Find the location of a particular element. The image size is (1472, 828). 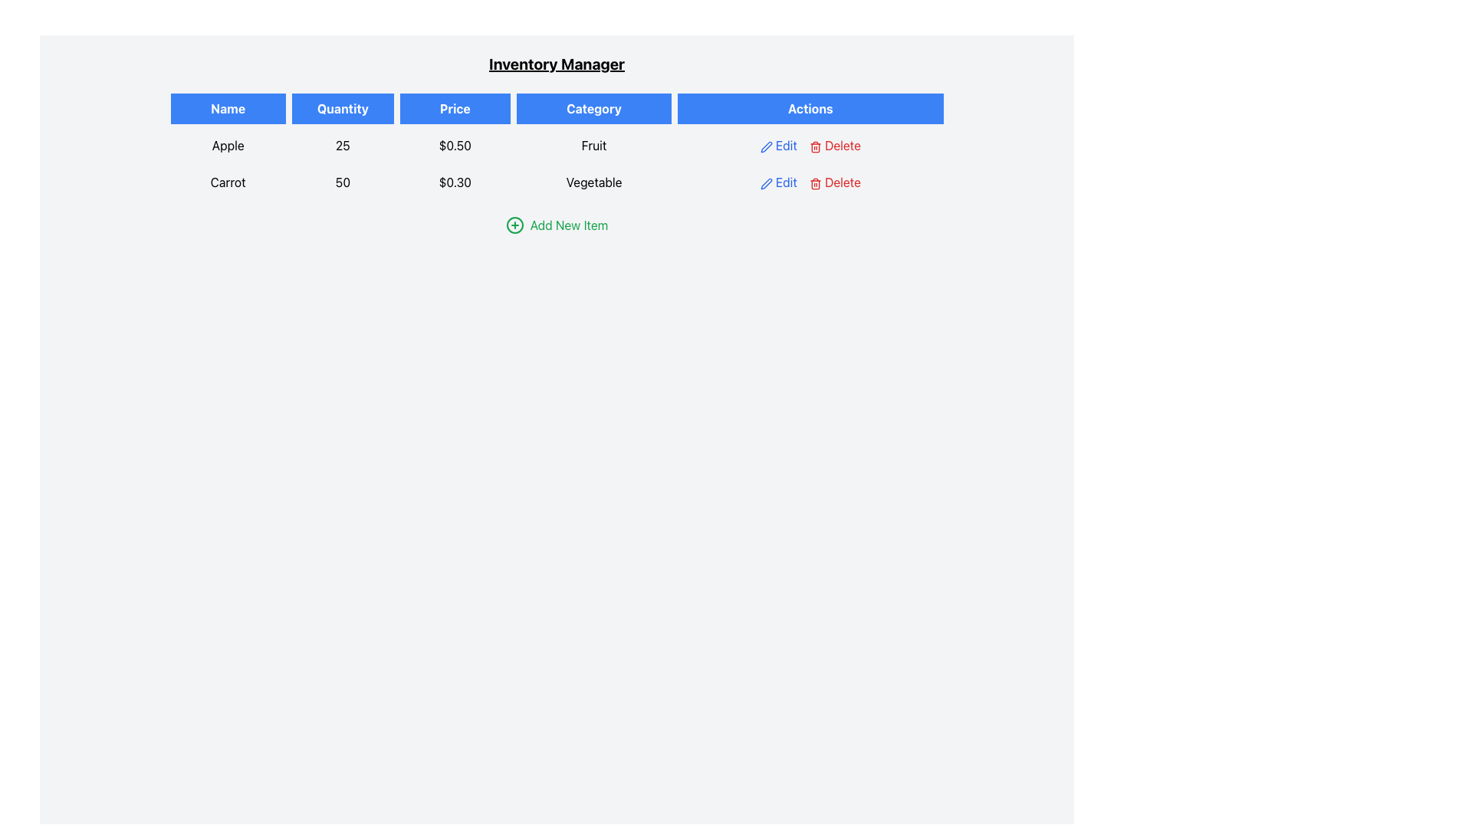

the 'Edit' link with a pen icon in the 'Actions' column of the second row in the table, which is associated with the 'Vegetable' category is located at coordinates (778, 182).